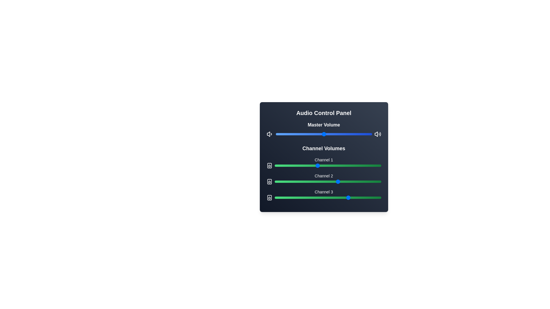 The image size is (550, 309). Describe the element at coordinates (298, 182) in the screenshot. I see `the volume of Channel 2` at that location.